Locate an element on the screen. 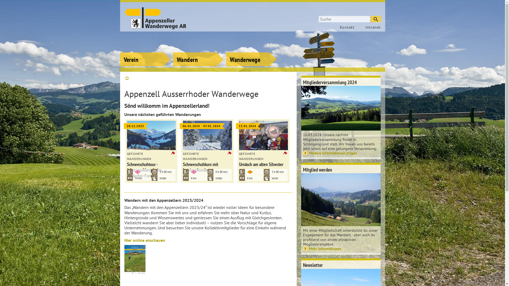 The image size is (509, 286). 'Kontakt' is located at coordinates (333, 27).